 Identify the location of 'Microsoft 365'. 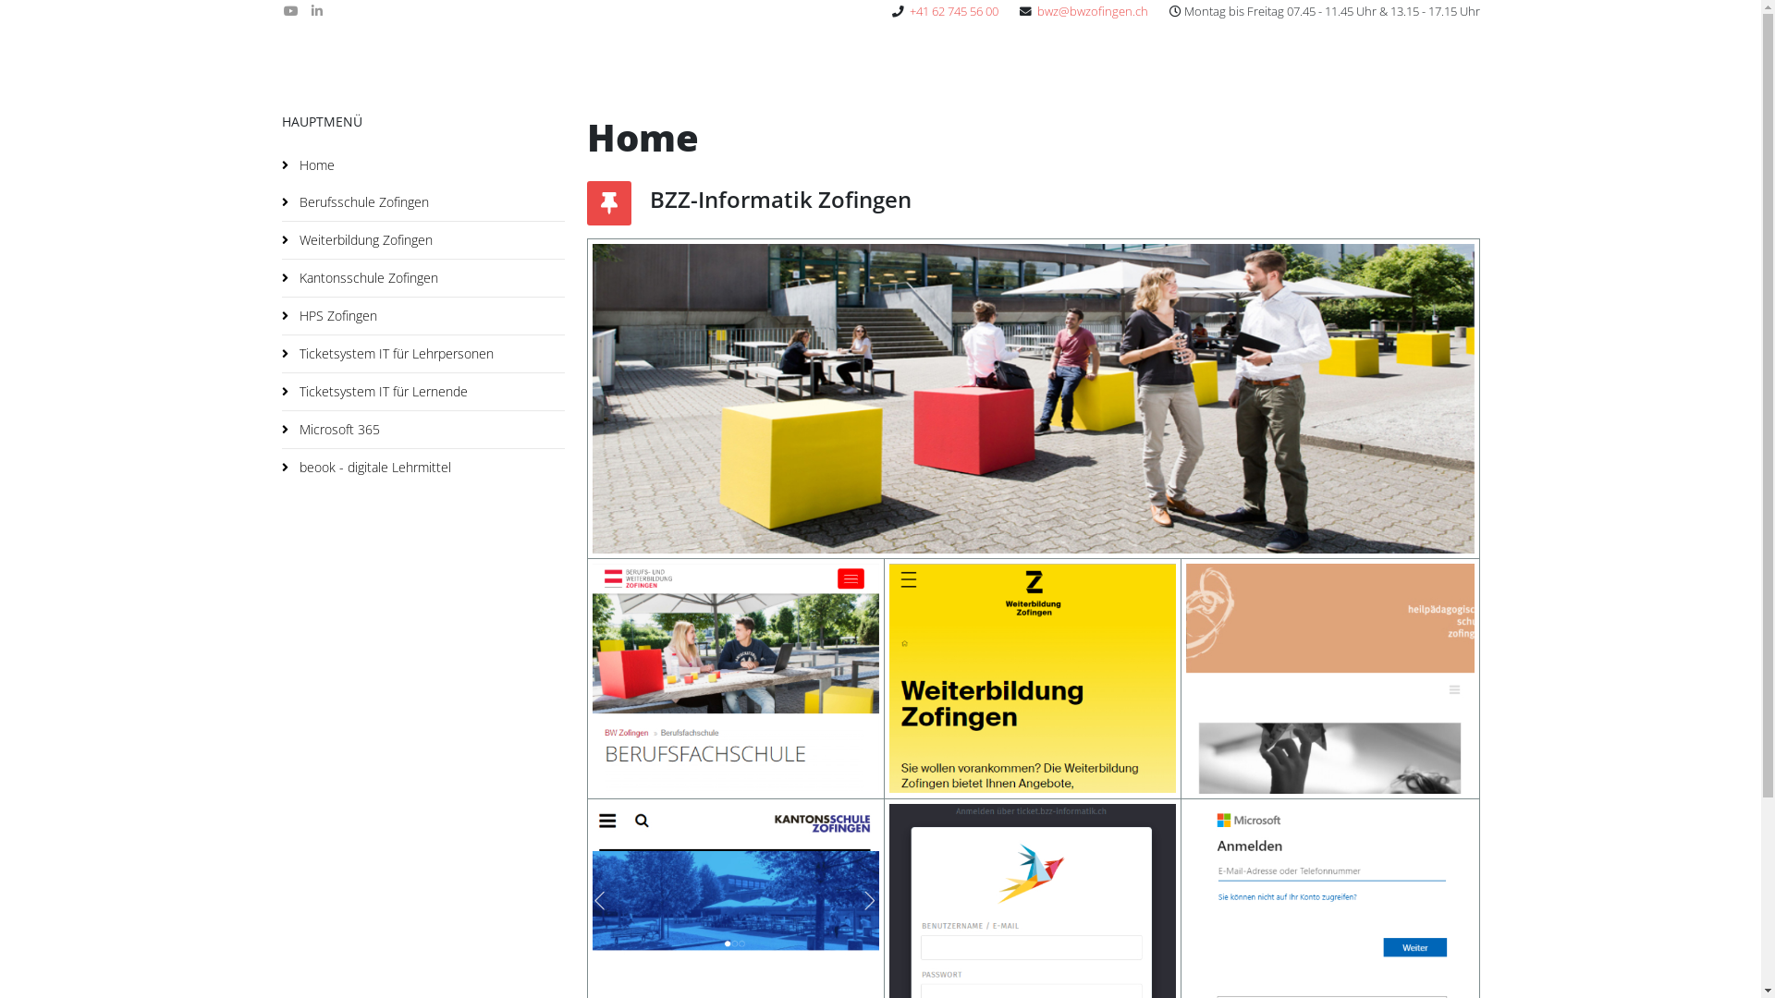
(421, 430).